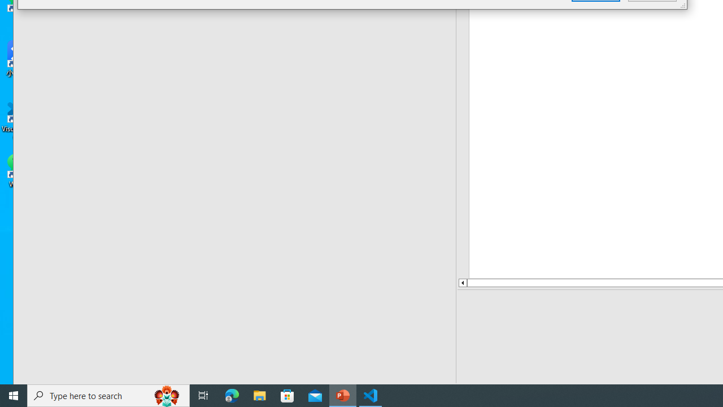 This screenshot has width=723, height=407. Describe the element at coordinates (342, 395) in the screenshot. I see `'PowerPoint - 1 running window'` at that location.